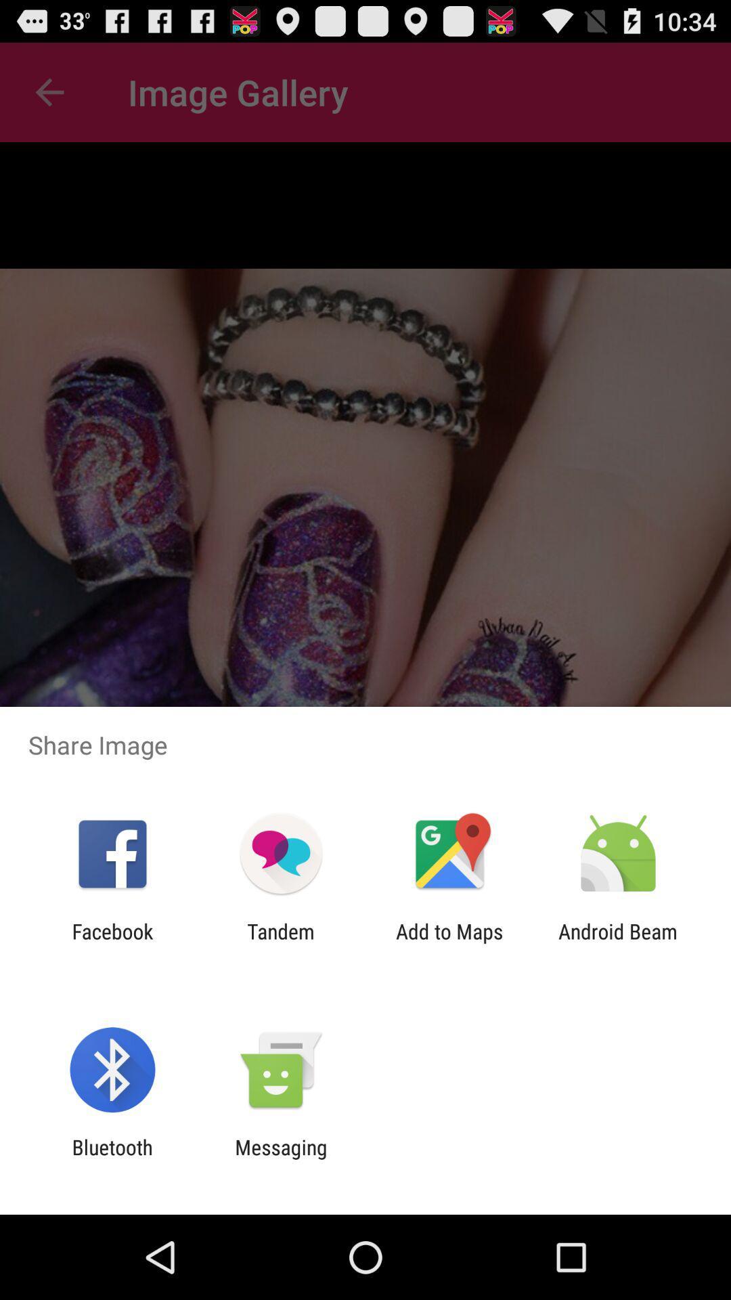 The image size is (731, 1300). I want to click on the icon at the bottom right corner, so click(618, 942).